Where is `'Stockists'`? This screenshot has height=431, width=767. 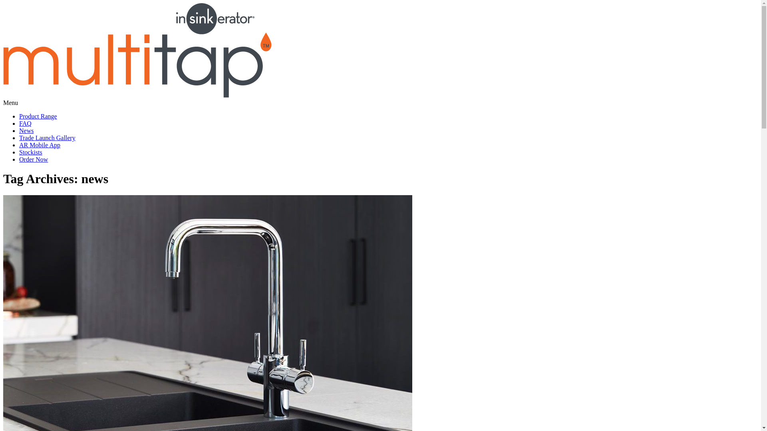
'Stockists' is located at coordinates (19, 152).